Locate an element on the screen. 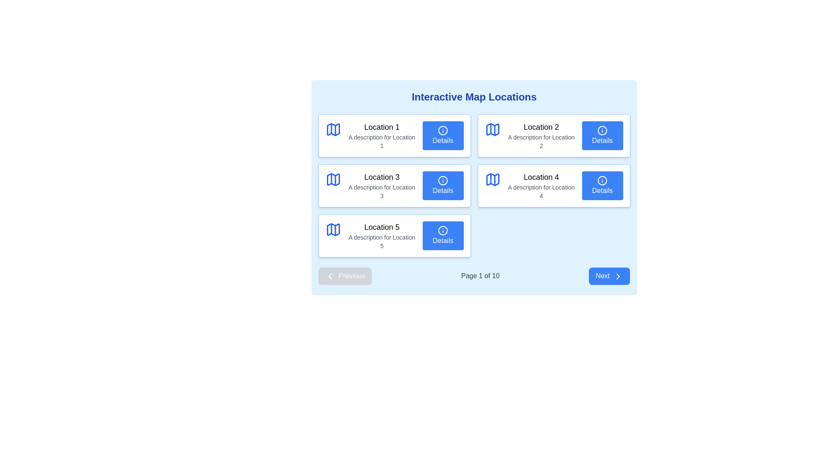  the button located in the bottom right corner of the 'Location 3' card is located at coordinates (443, 185).